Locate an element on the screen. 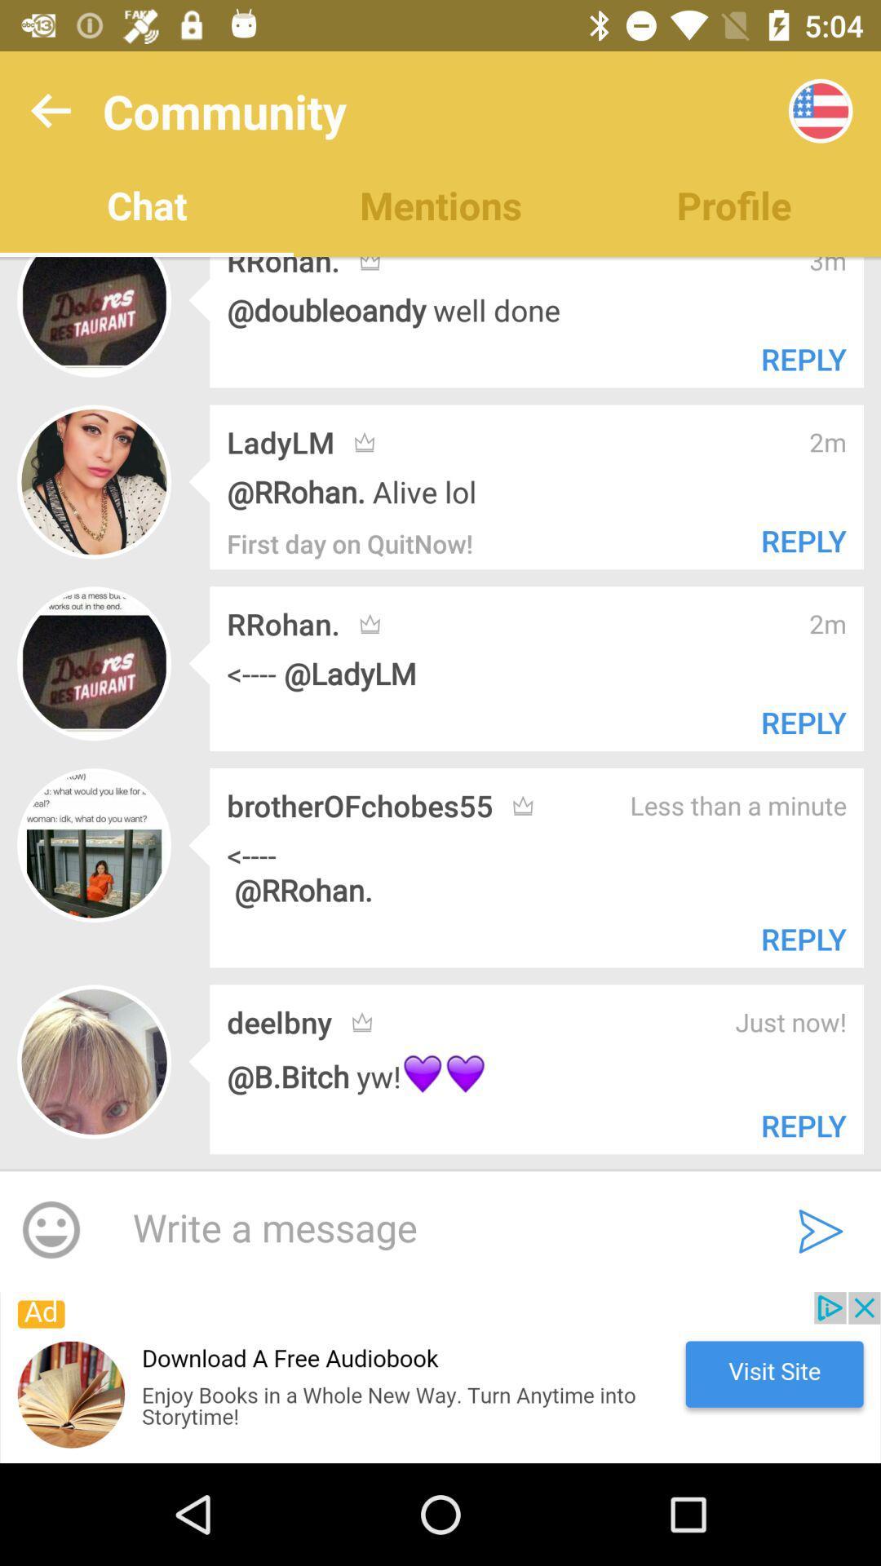 The image size is (881, 1566). choose emoji is located at coordinates (50, 1231).